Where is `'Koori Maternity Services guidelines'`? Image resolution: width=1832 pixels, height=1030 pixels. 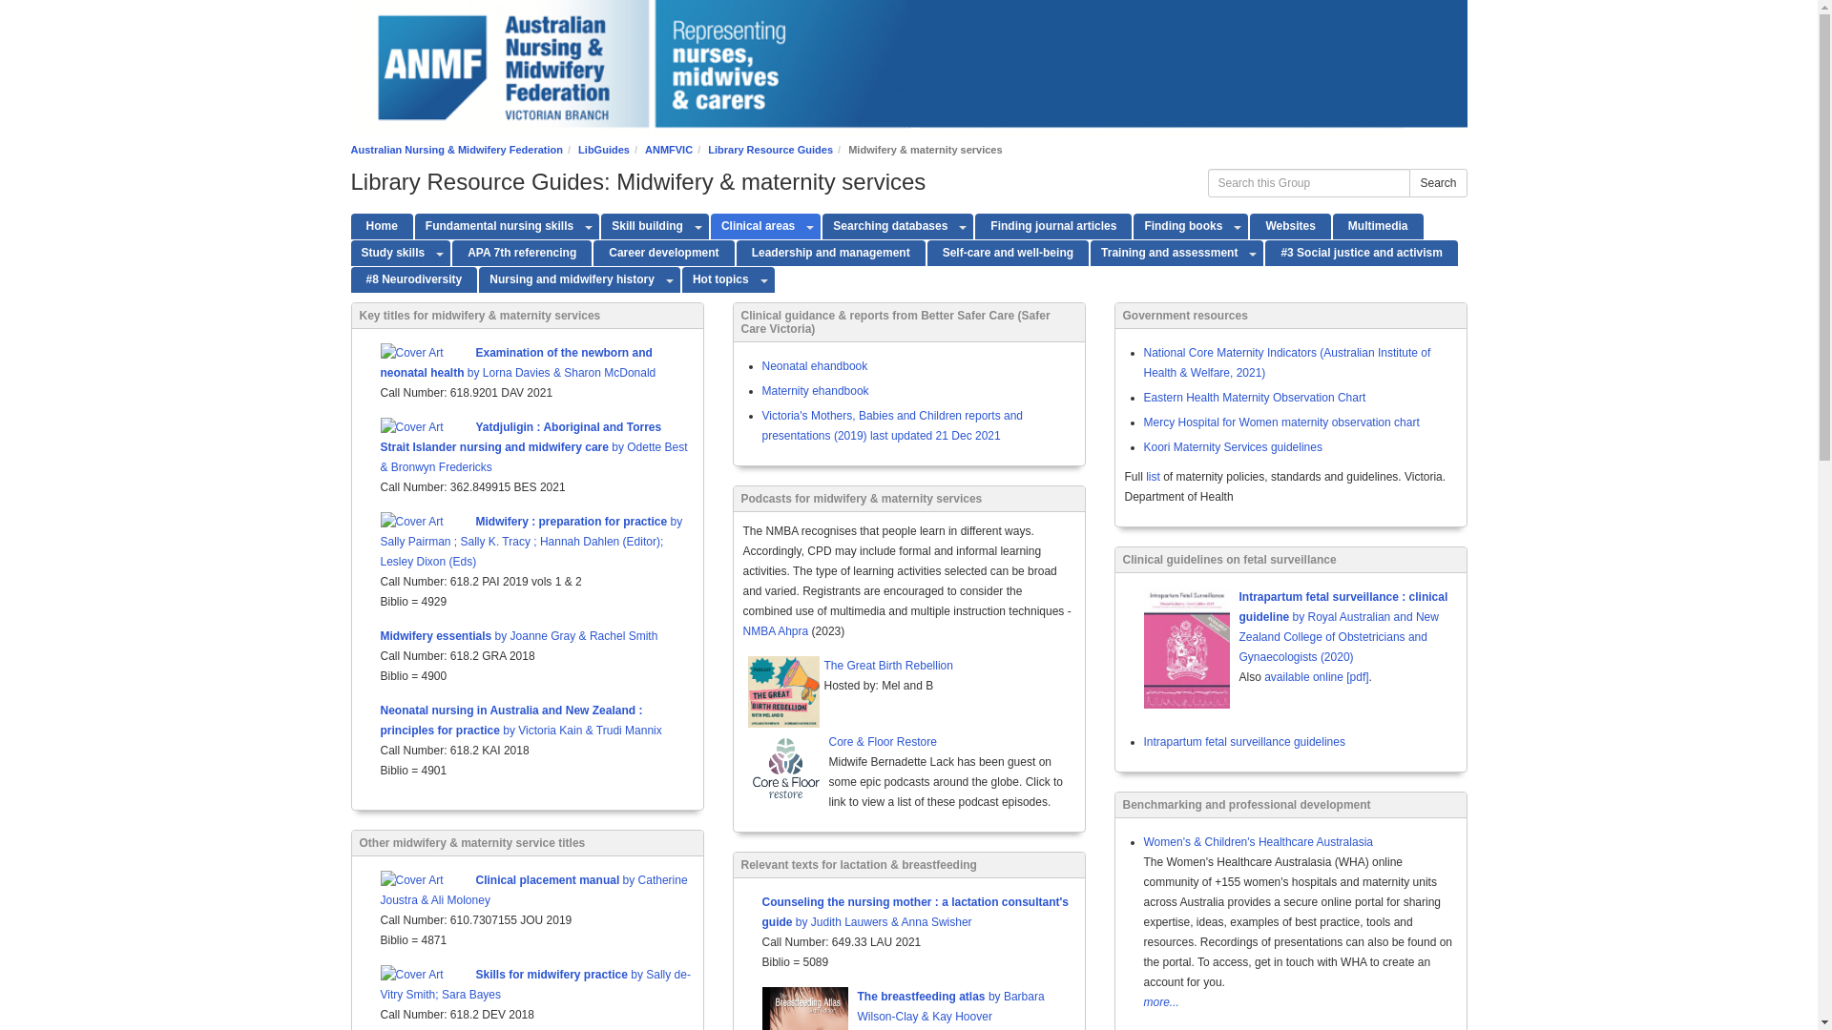
'Koori Maternity Services guidelines' is located at coordinates (1232, 447).